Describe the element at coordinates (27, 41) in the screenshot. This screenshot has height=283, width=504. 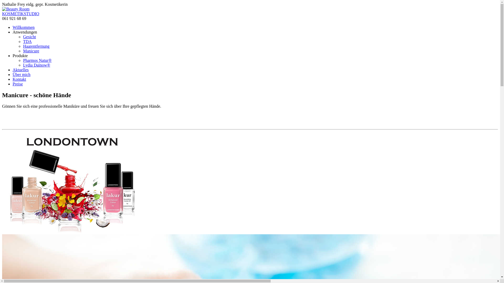
I see `'TDA'` at that location.